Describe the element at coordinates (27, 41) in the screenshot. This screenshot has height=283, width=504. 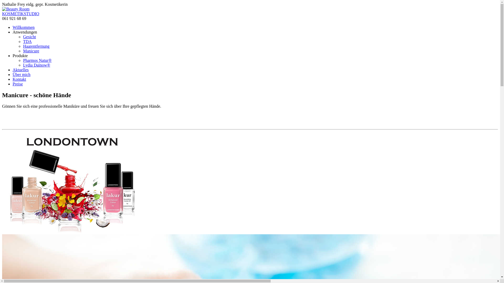
I see `'TDA'` at that location.